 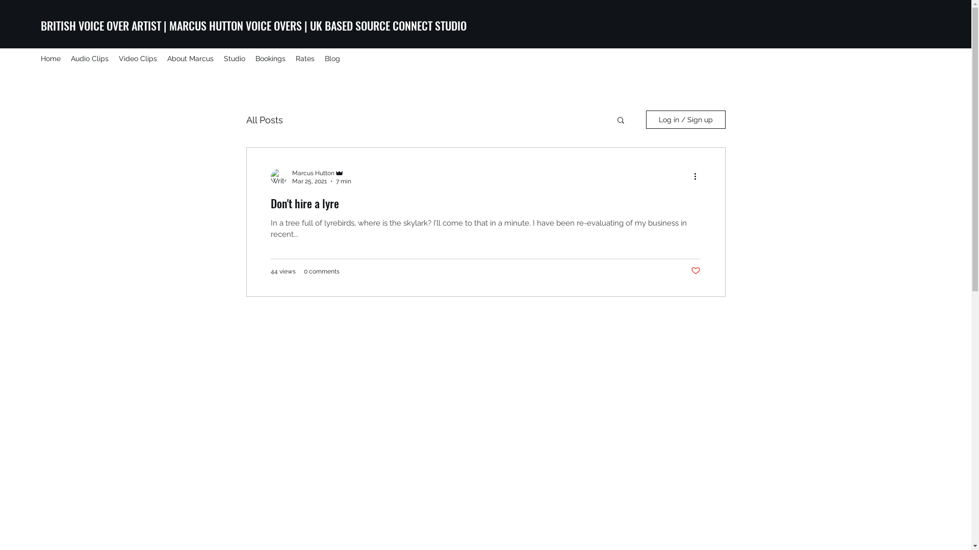 What do you see at coordinates (264, 119) in the screenshot?
I see `'All Posts'` at bounding box center [264, 119].